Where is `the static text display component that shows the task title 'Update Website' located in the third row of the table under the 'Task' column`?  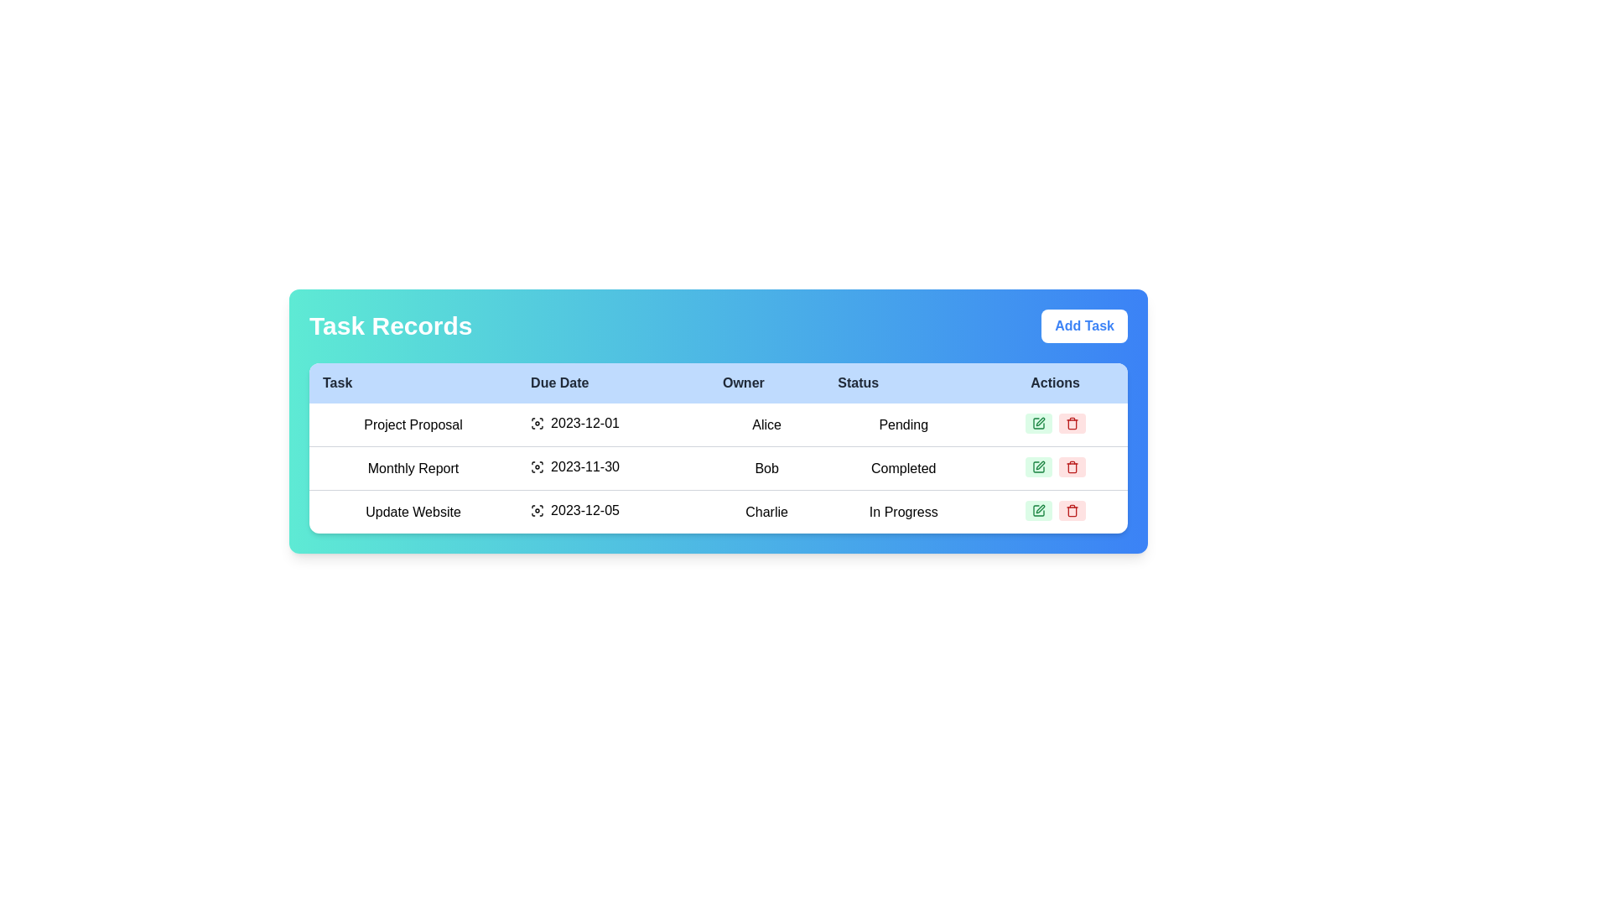 the static text display component that shows the task title 'Update Website' located in the third row of the table under the 'Task' column is located at coordinates (413, 511).